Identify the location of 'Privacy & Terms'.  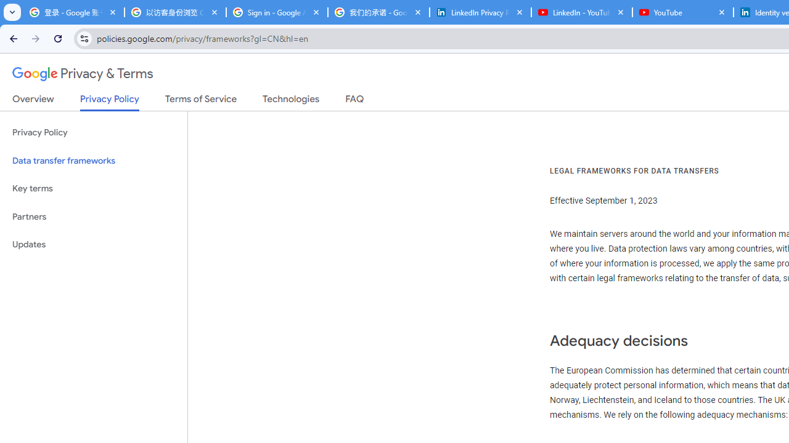
(83, 74).